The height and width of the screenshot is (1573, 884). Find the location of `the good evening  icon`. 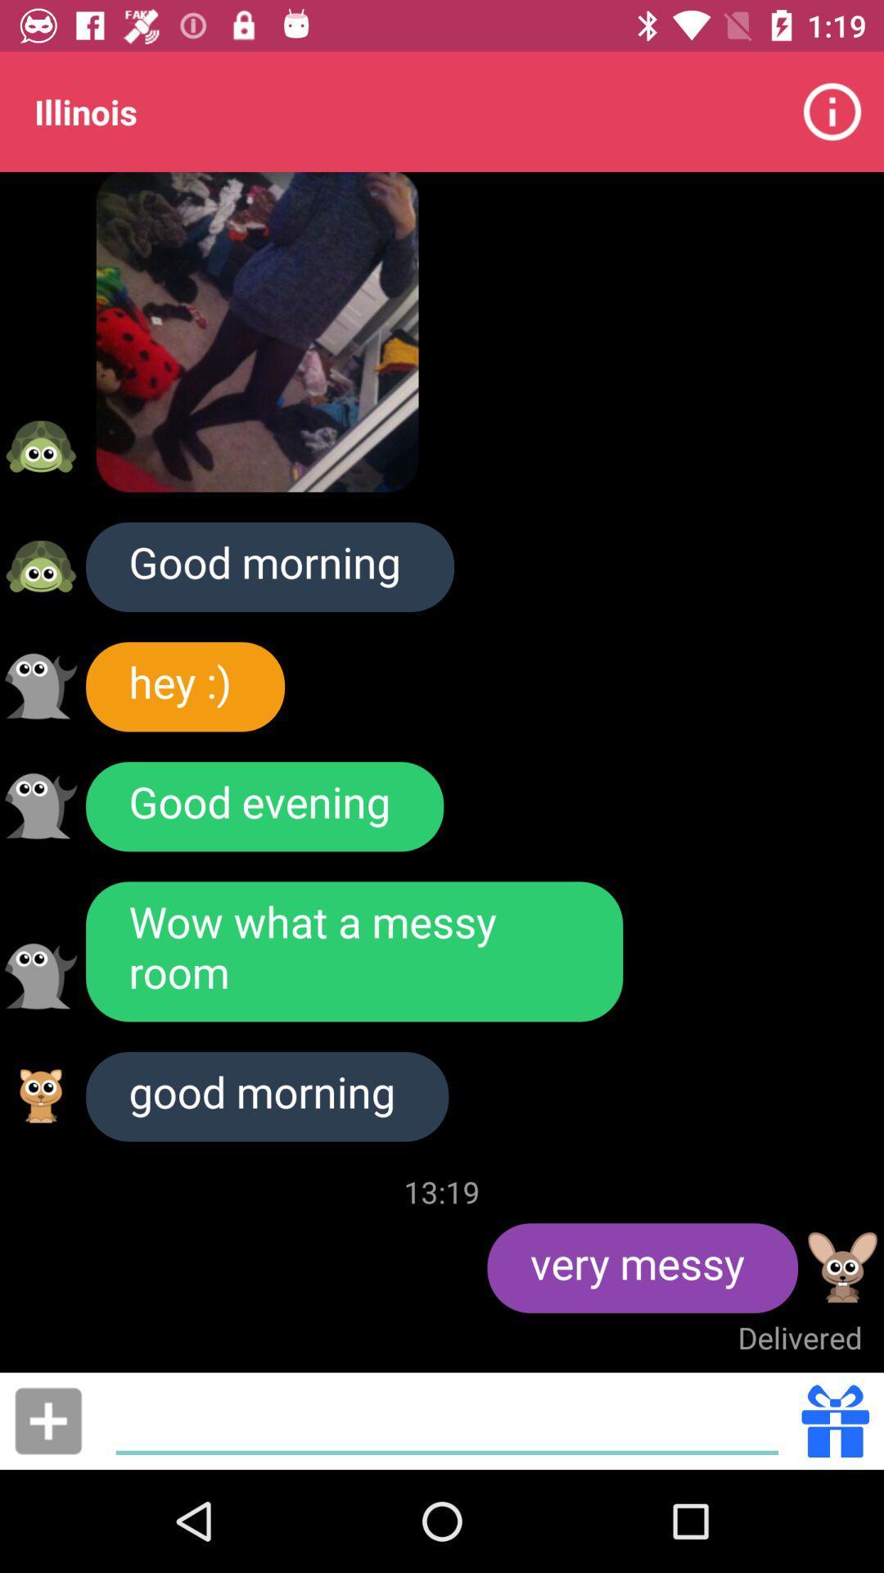

the good evening  icon is located at coordinates (264, 806).